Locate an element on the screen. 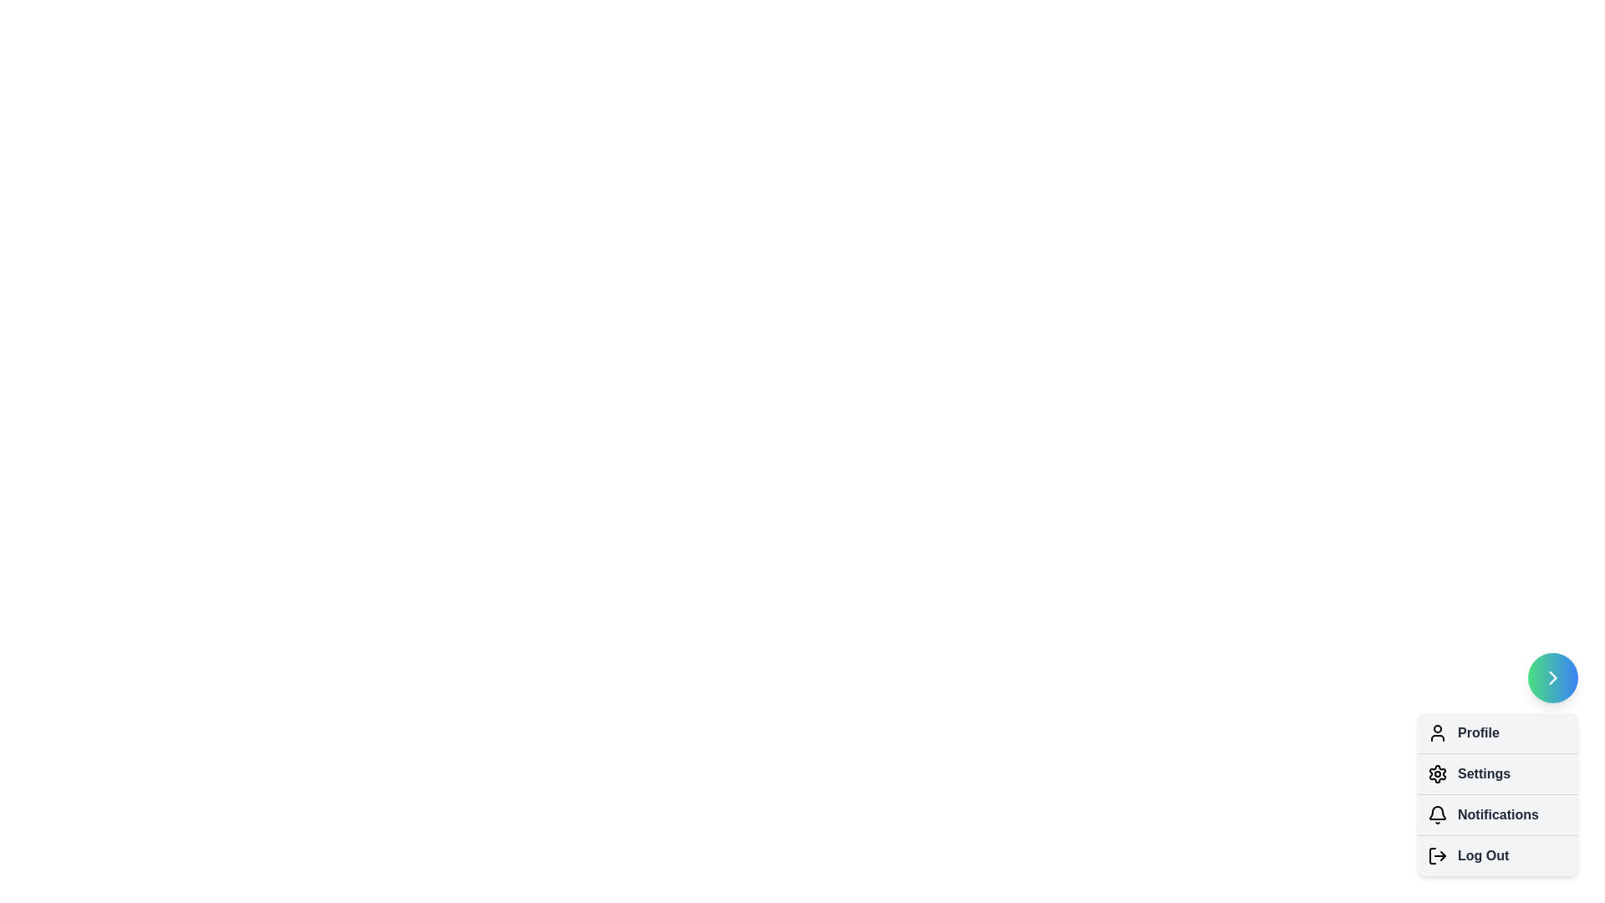 Image resolution: width=1605 pixels, height=903 pixels. the menu option Profile to trigger its associated action is located at coordinates (1436, 732).